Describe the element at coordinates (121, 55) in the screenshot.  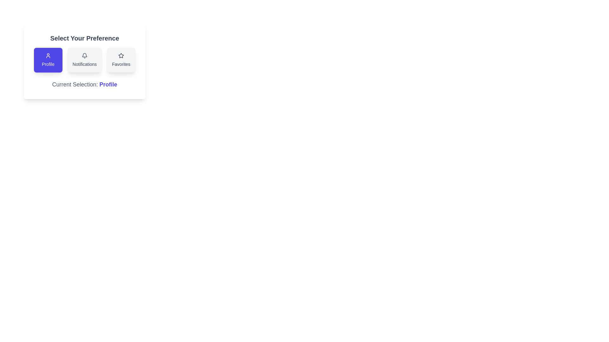
I see `the 'Favorites' icon in the preference selection interface` at that location.